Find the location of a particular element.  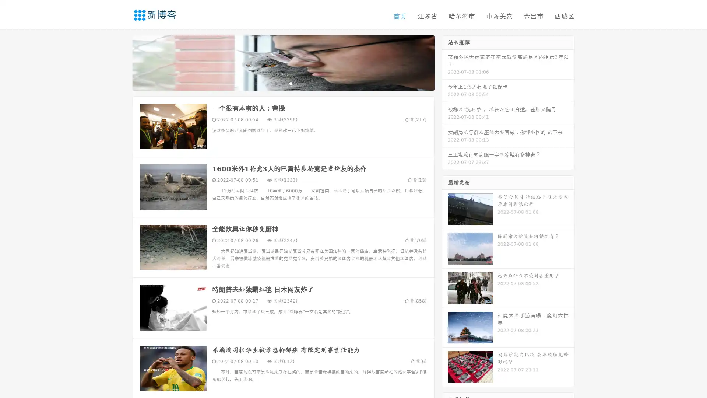

Next slide is located at coordinates (445, 62).